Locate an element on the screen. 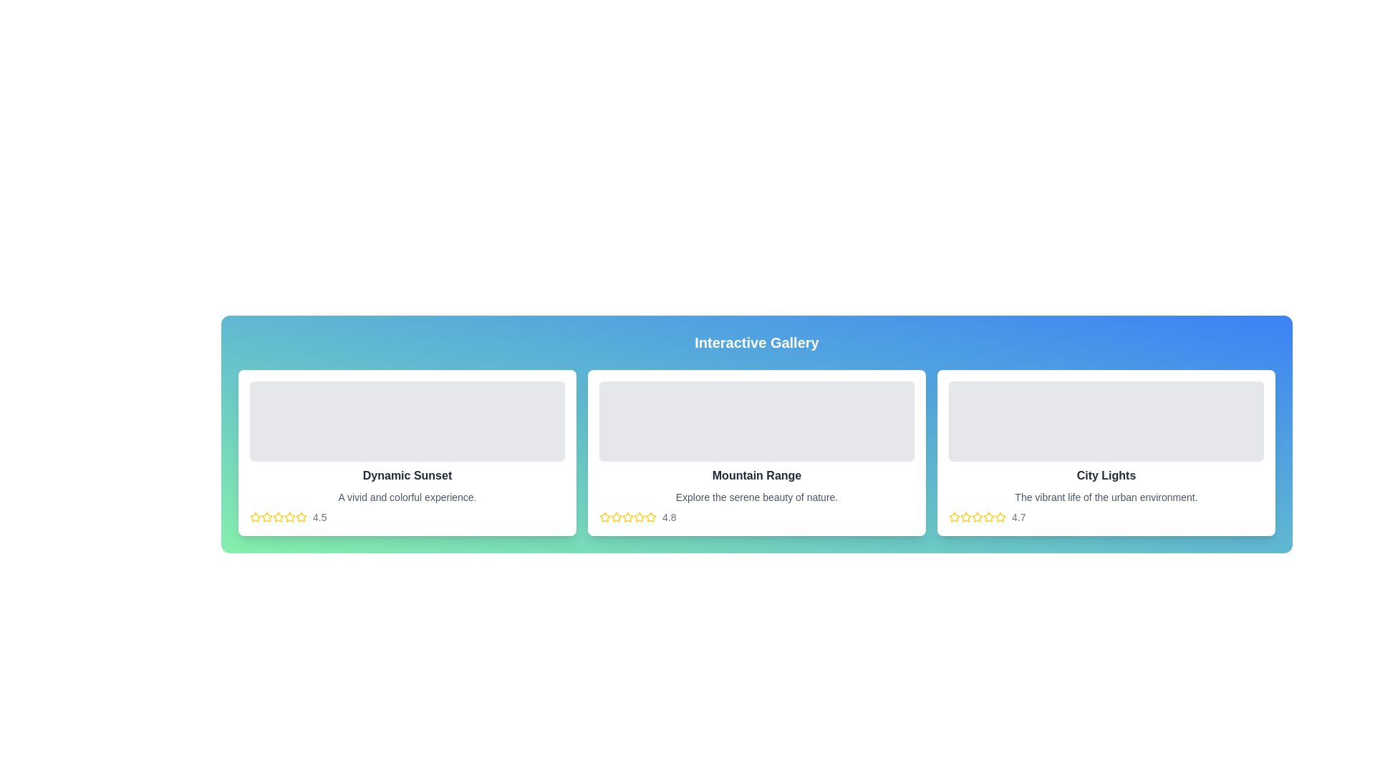 Image resolution: width=1375 pixels, height=773 pixels. the second star-shaped icon is located at coordinates (301, 517).